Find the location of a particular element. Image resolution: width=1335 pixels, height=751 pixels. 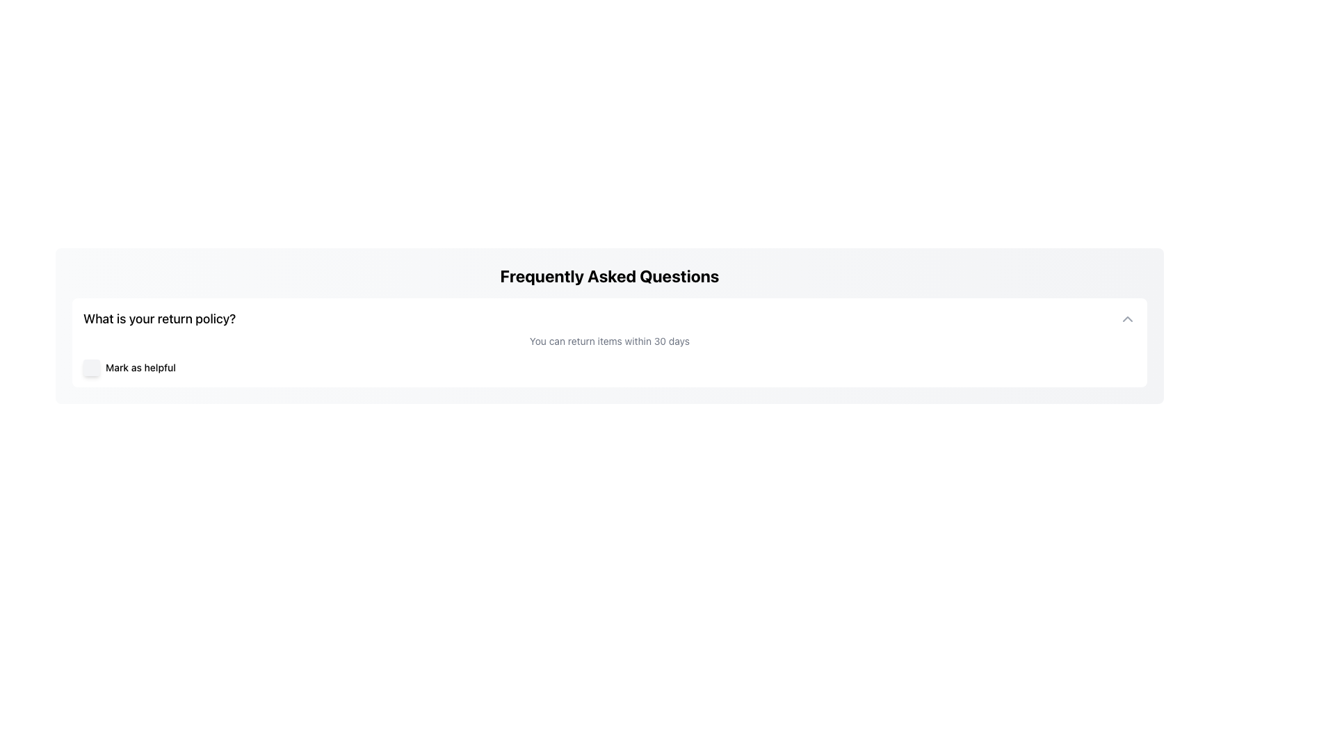

the 'Mark as helpful' static text label, which is positioned to the right of its sibling checkbox in the bottom part of the content section is located at coordinates (140, 366).